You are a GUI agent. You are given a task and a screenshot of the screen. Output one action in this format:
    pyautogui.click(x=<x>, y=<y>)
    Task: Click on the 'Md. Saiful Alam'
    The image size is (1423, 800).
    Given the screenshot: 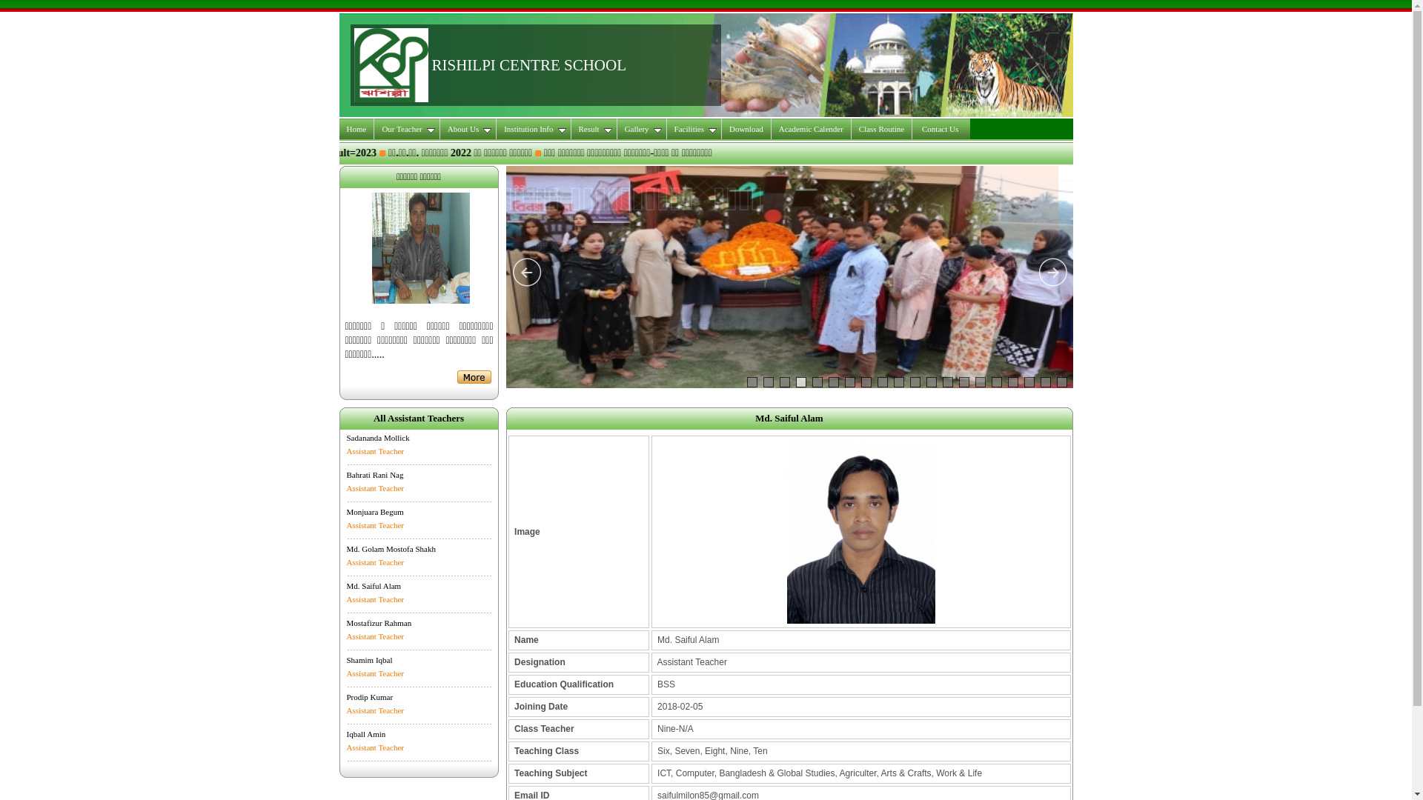 What is the action you would take?
    pyautogui.click(x=374, y=584)
    